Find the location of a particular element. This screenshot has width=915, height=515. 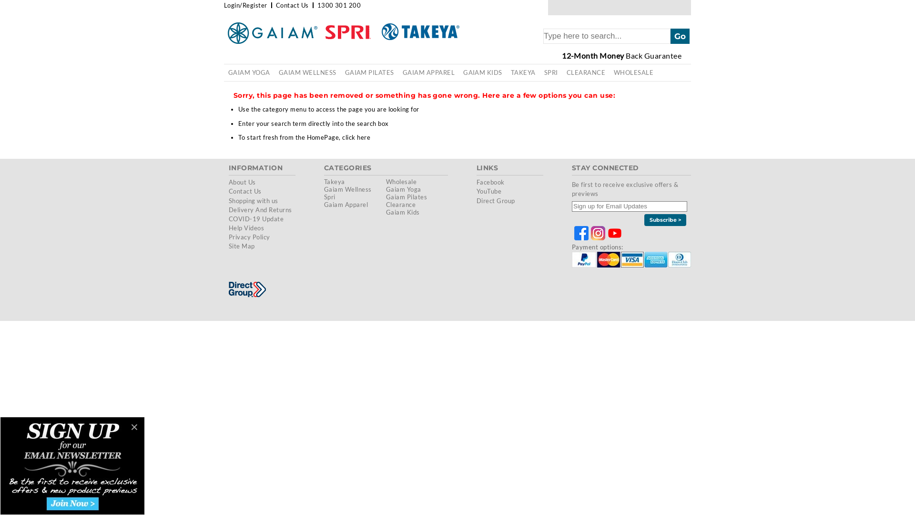

'GAIAM KIDS' is located at coordinates (482, 72).